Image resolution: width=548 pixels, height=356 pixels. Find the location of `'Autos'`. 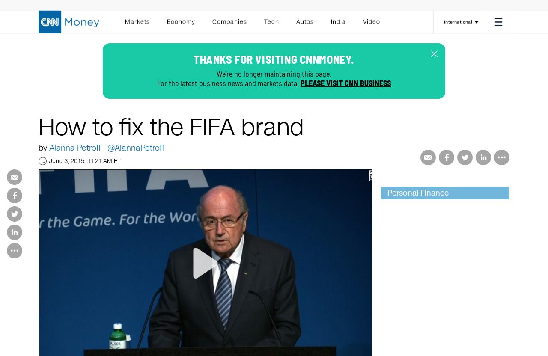

'Autos' is located at coordinates (295, 24).